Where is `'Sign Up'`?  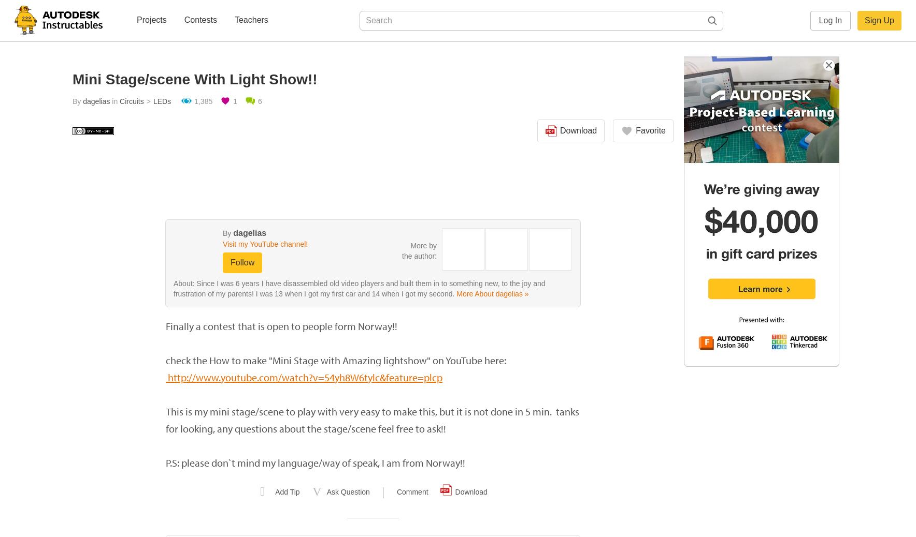
'Sign Up' is located at coordinates (879, 20).